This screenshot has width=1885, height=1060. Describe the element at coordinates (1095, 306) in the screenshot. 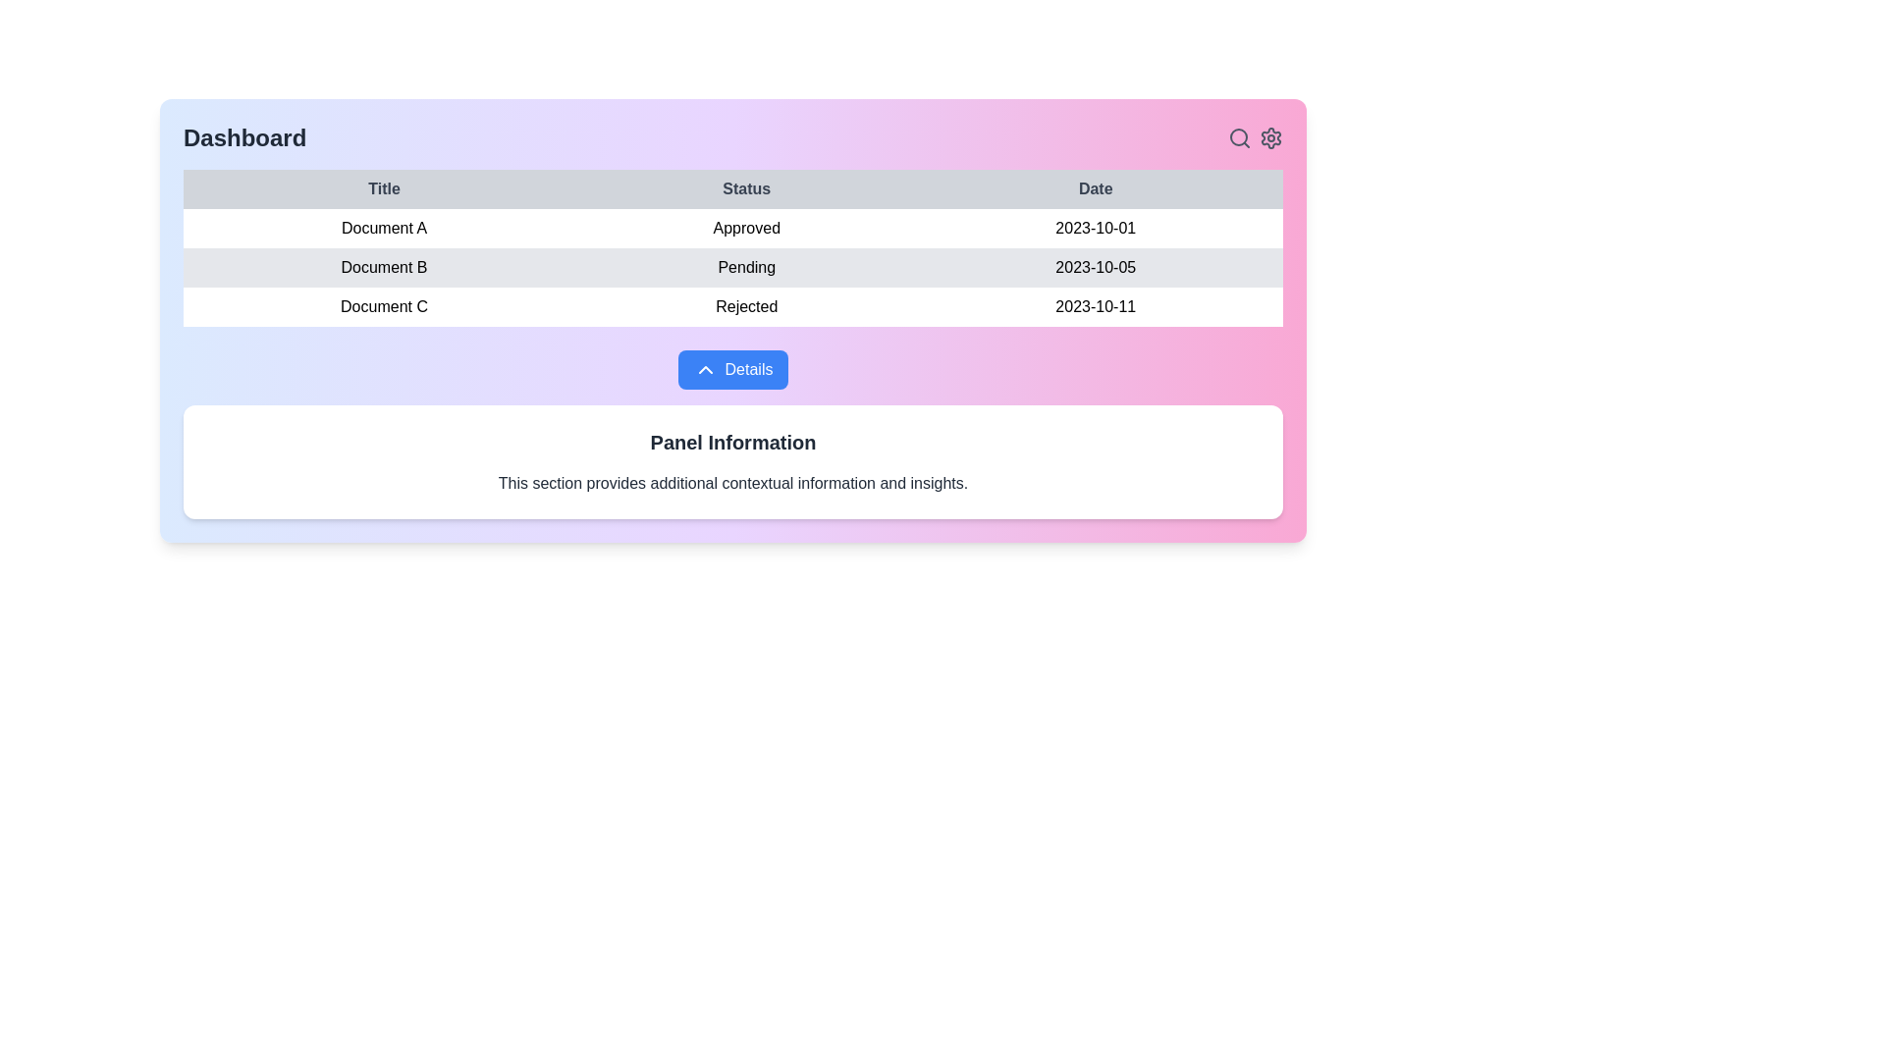

I see `the static text element displaying the date for 'Document C' located in the 'Date' column of the table` at that location.